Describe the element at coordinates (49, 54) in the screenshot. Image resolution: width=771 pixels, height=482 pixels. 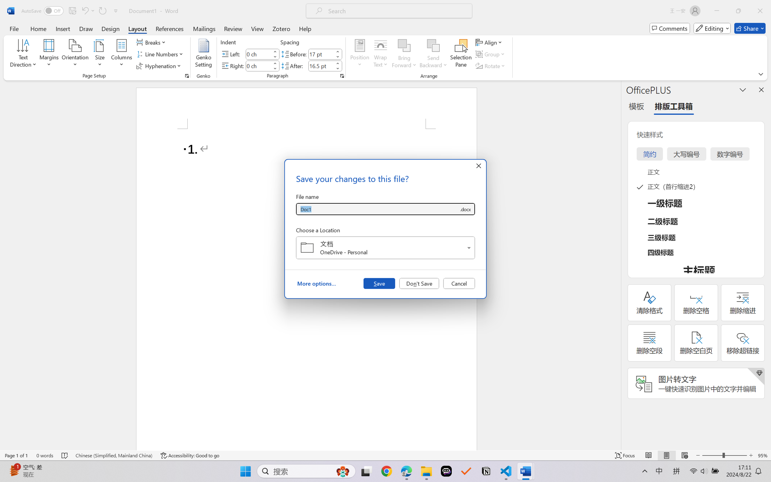
I see `'Margins'` at that location.